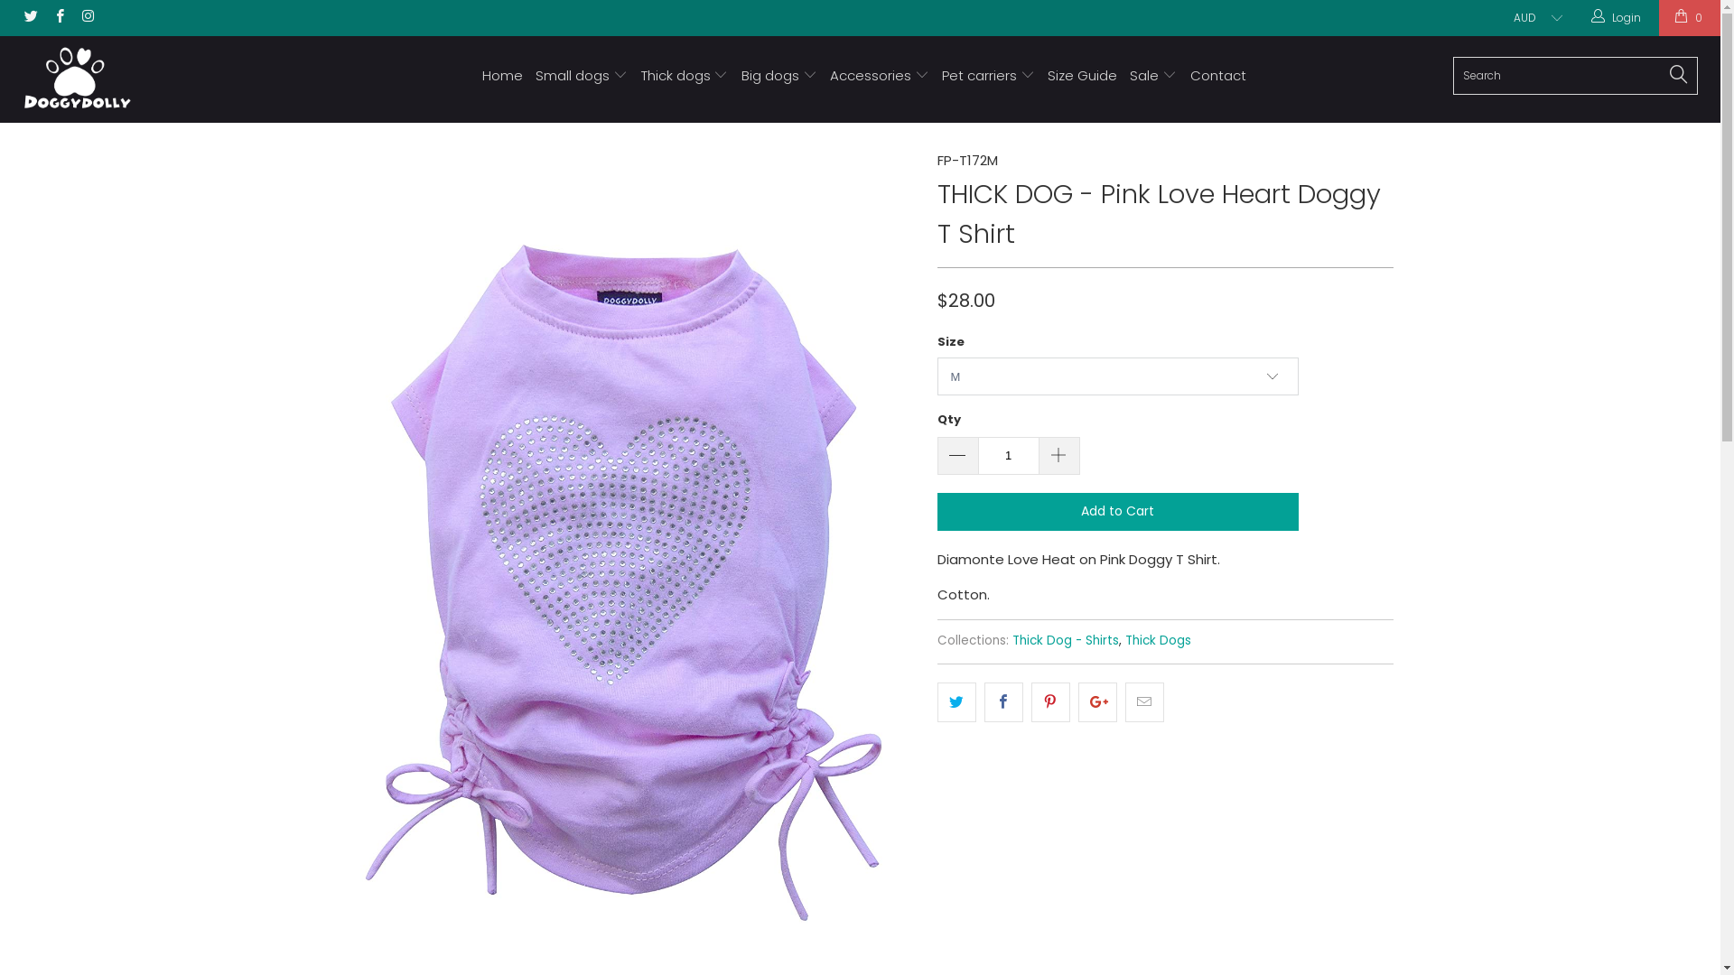 This screenshot has width=1734, height=975. Describe the element at coordinates (17, 79) in the screenshot. I see `'DoggyDolly Australia & New Zealand'` at that location.